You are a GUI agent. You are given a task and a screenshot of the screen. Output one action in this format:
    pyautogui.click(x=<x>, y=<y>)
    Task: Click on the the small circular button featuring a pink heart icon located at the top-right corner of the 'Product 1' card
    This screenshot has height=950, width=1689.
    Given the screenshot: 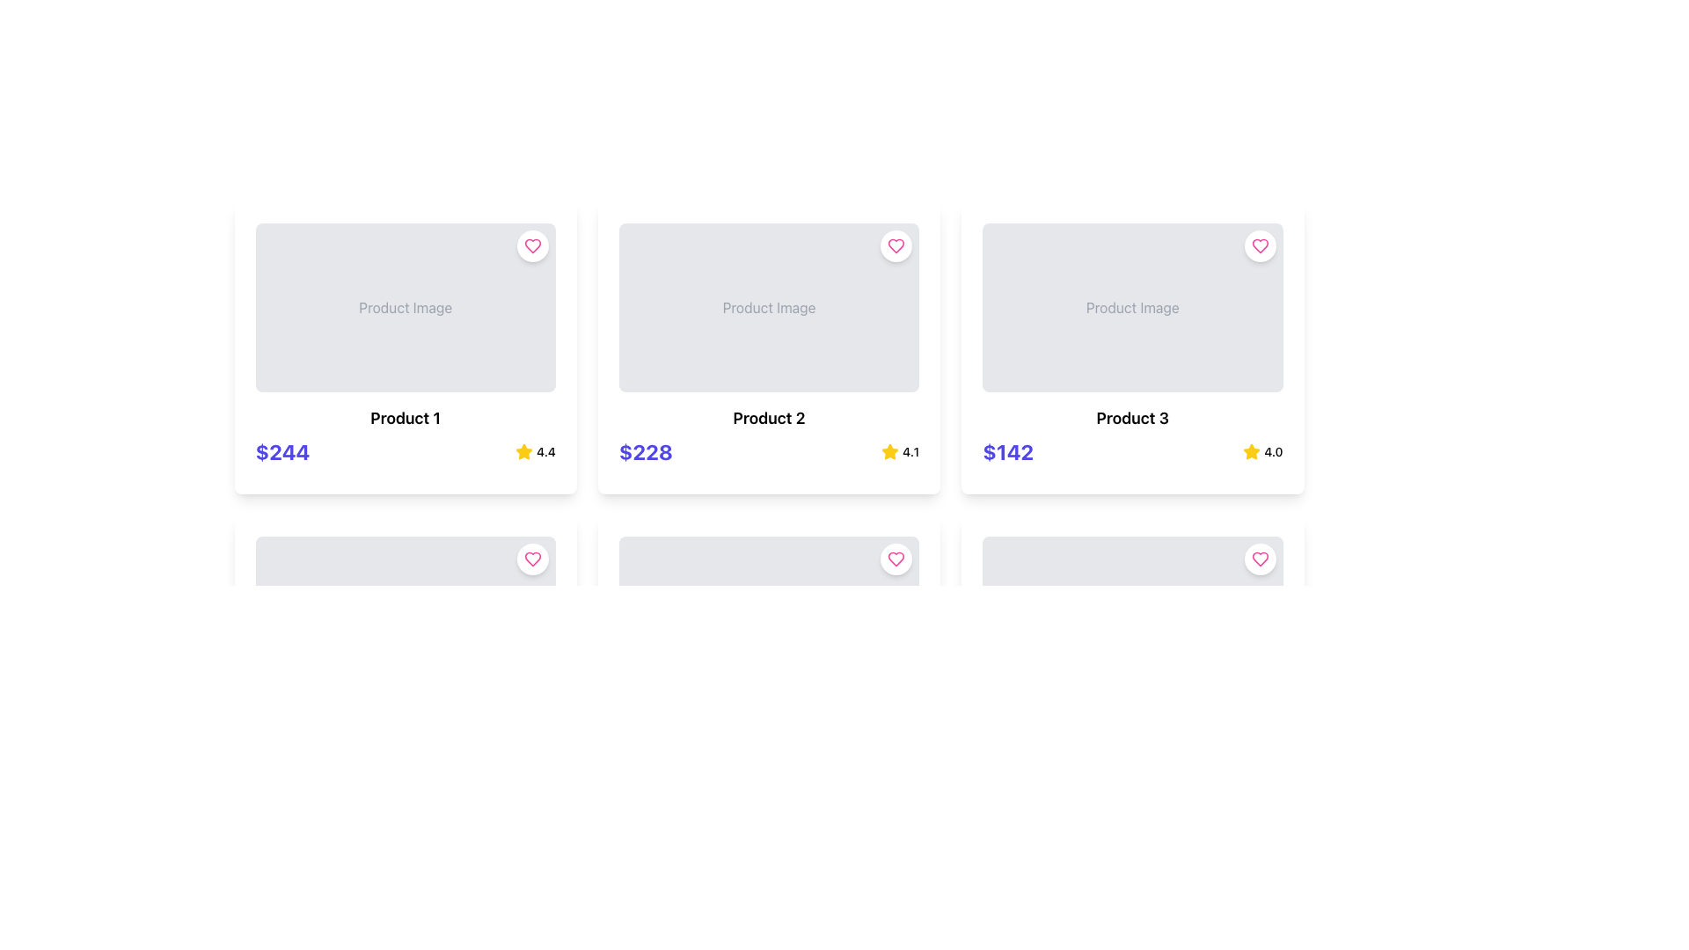 What is the action you would take?
    pyautogui.click(x=531, y=246)
    